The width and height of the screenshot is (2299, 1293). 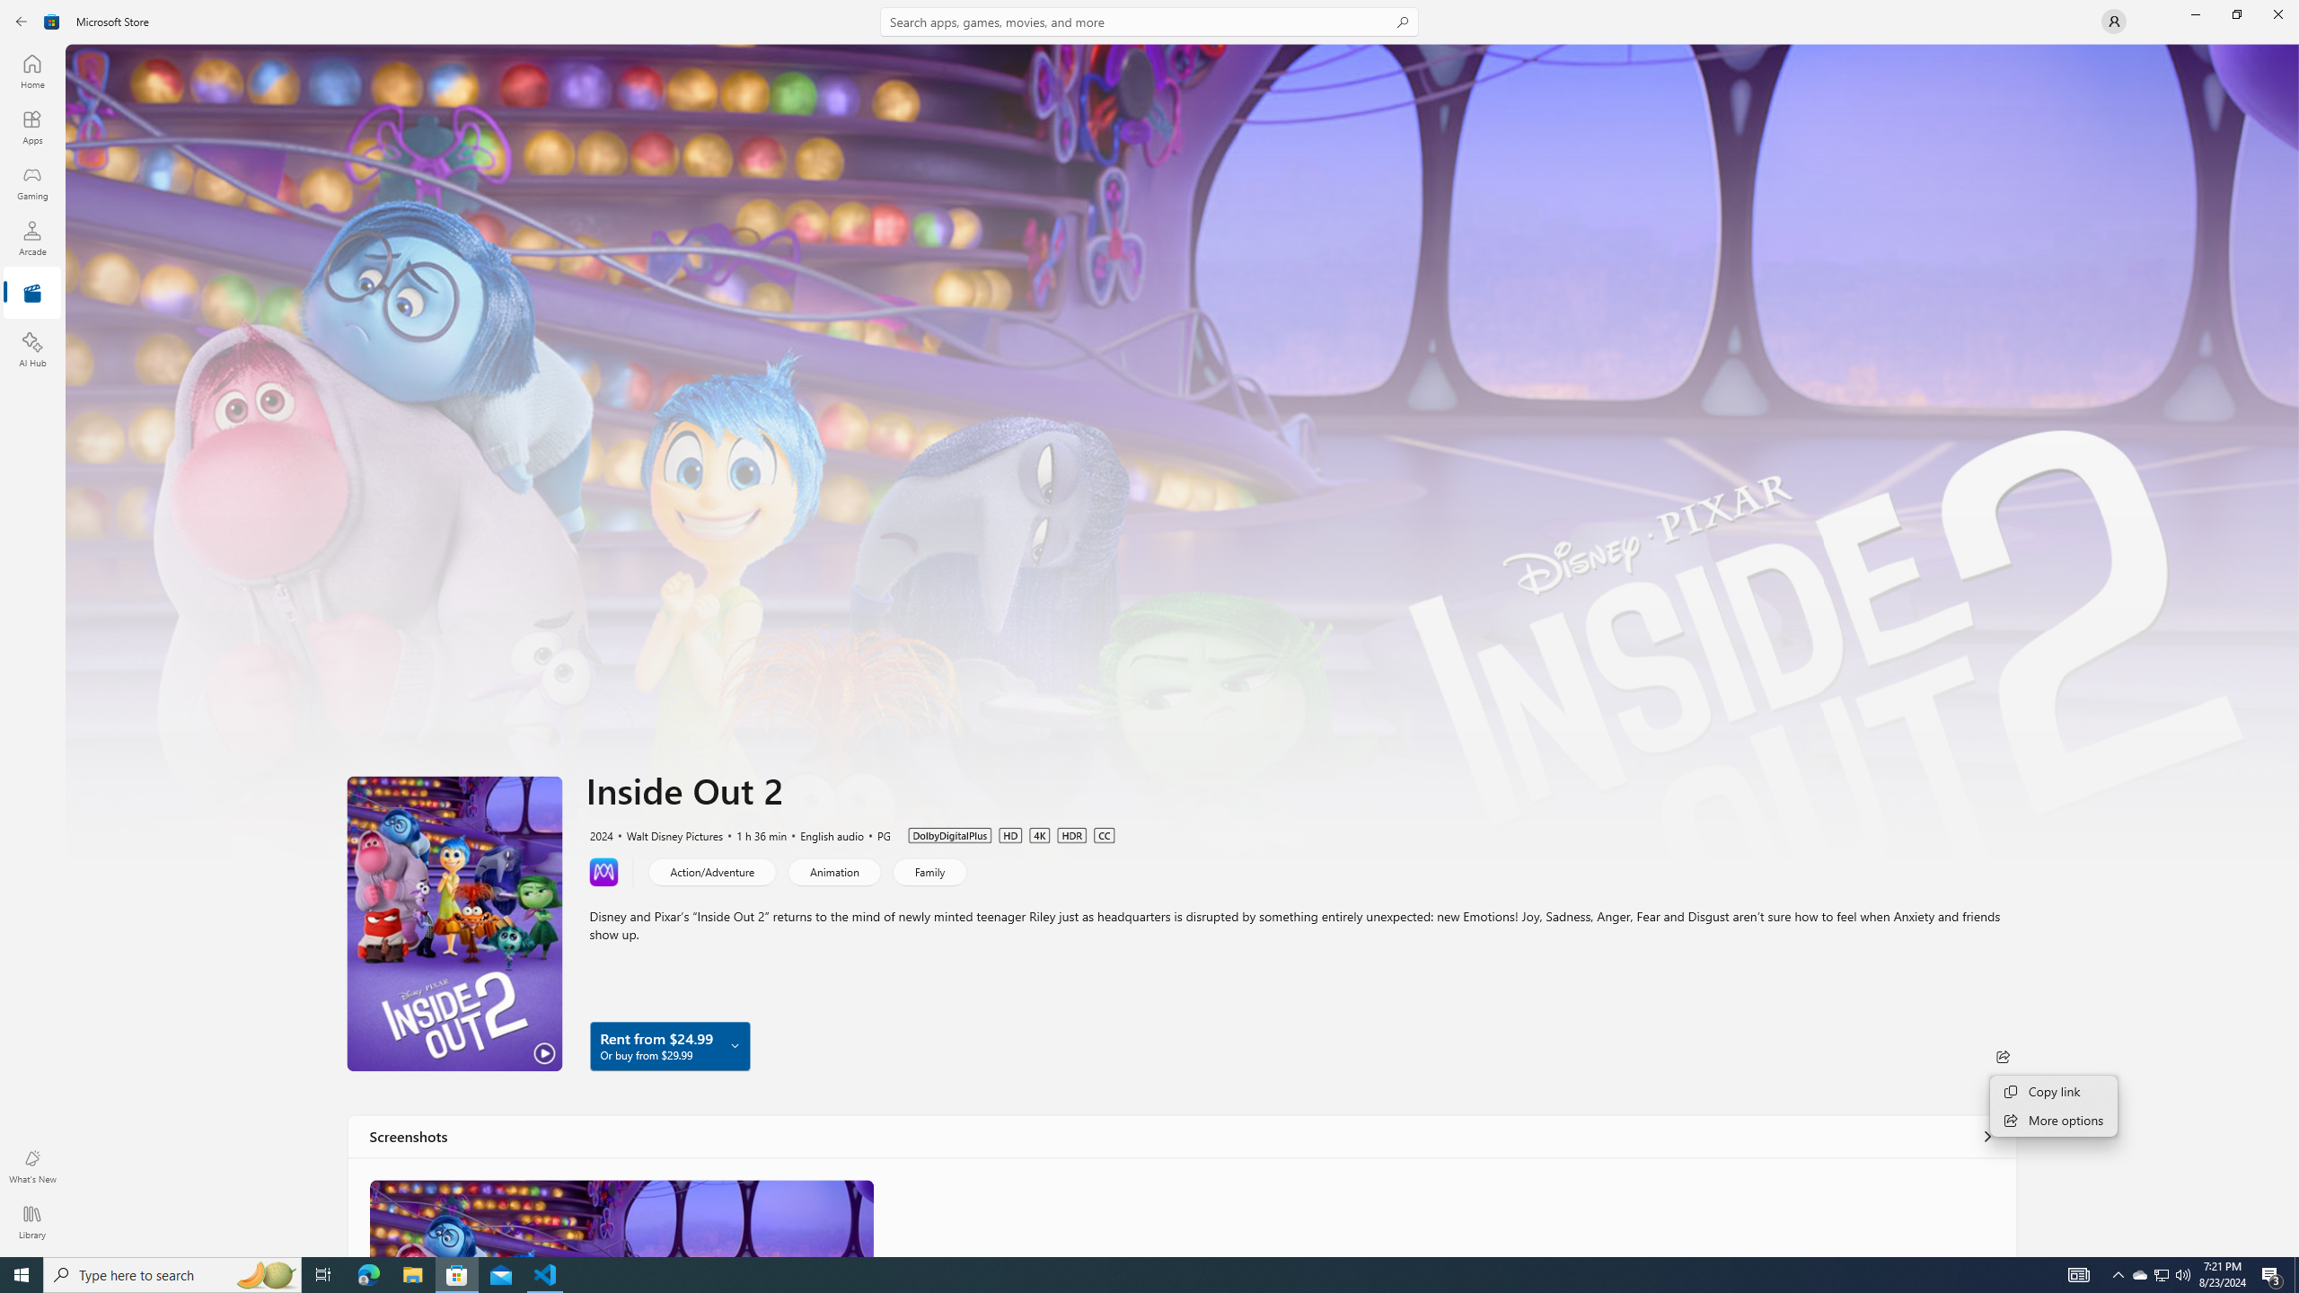 What do you see at coordinates (2194, 13) in the screenshot?
I see `'Minimize Microsoft Store'` at bounding box center [2194, 13].